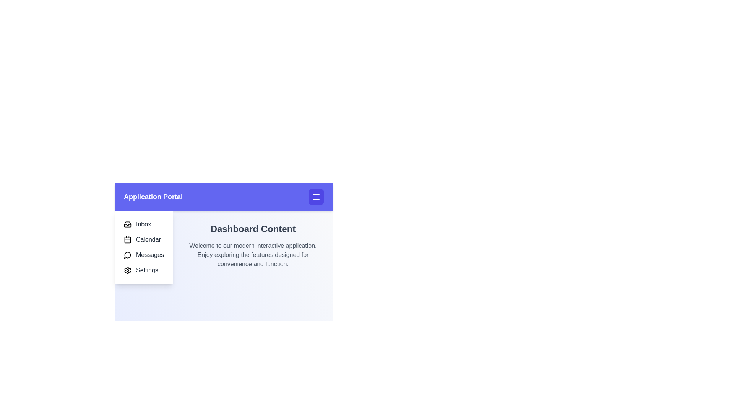 This screenshot has width=734, height=413. What do you see at coordinates (144, 224) in the screenshot?
I see `the 'Inbox' navigation item, which features a left-aligned envelope icon and bold text` at bounding box center [144, 224].